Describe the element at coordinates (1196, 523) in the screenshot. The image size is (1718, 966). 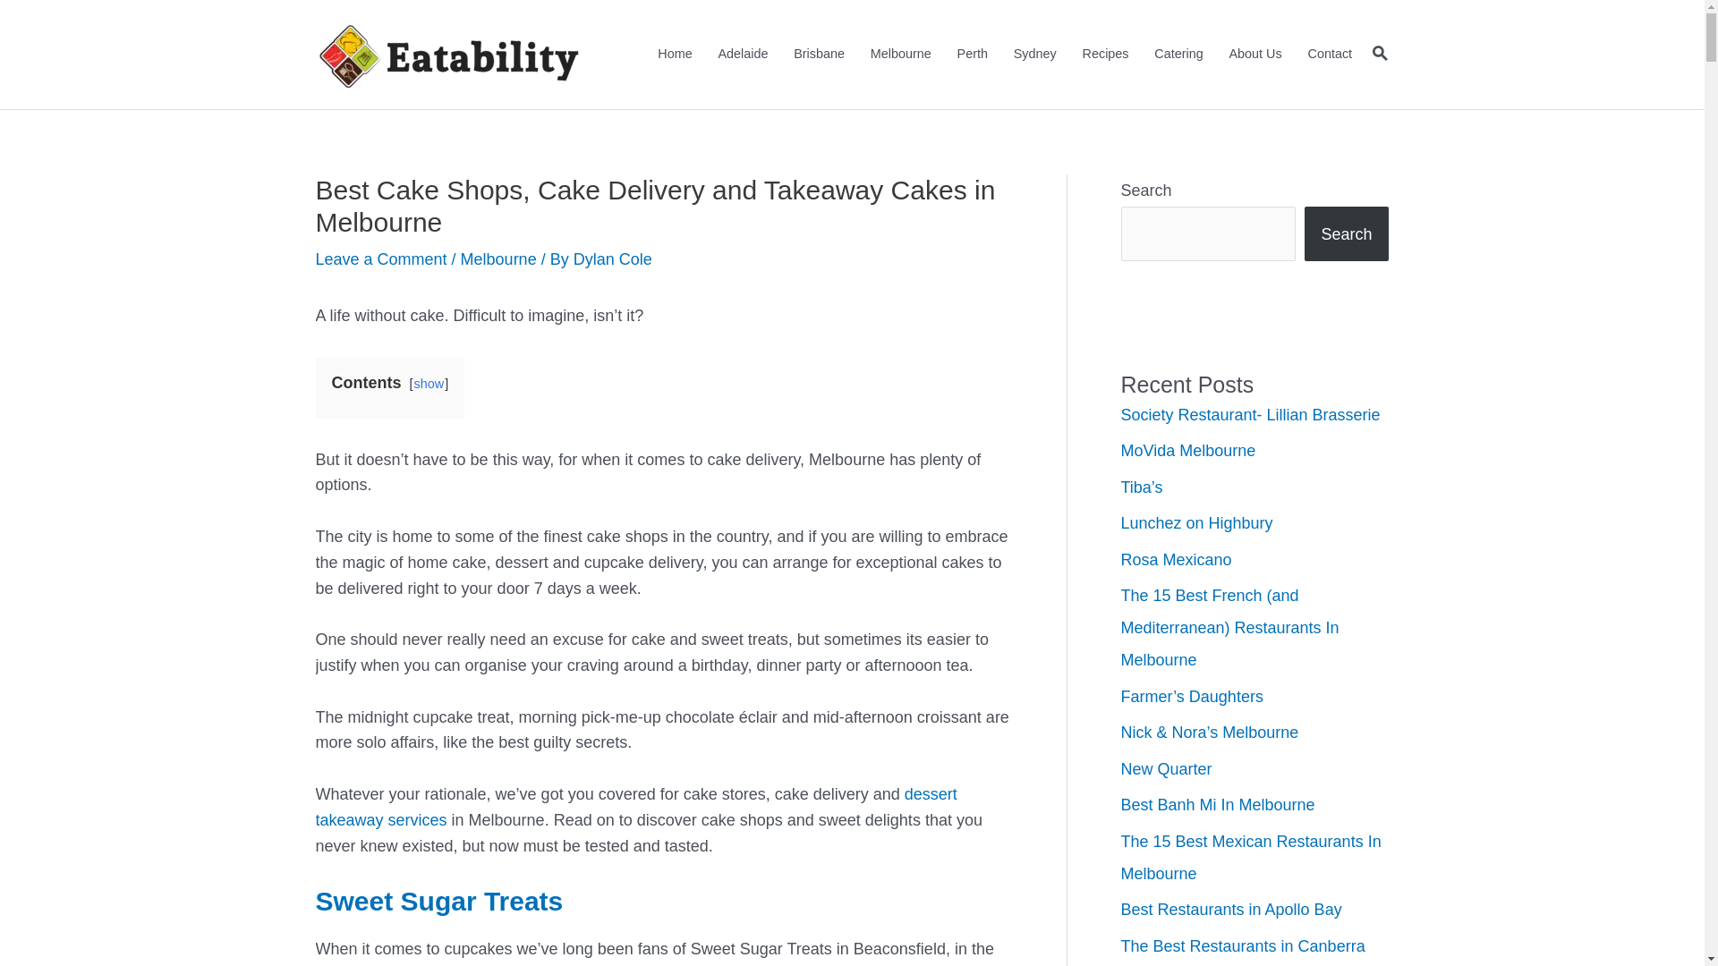
I see `'Lunchez on Highbury'` at that location.